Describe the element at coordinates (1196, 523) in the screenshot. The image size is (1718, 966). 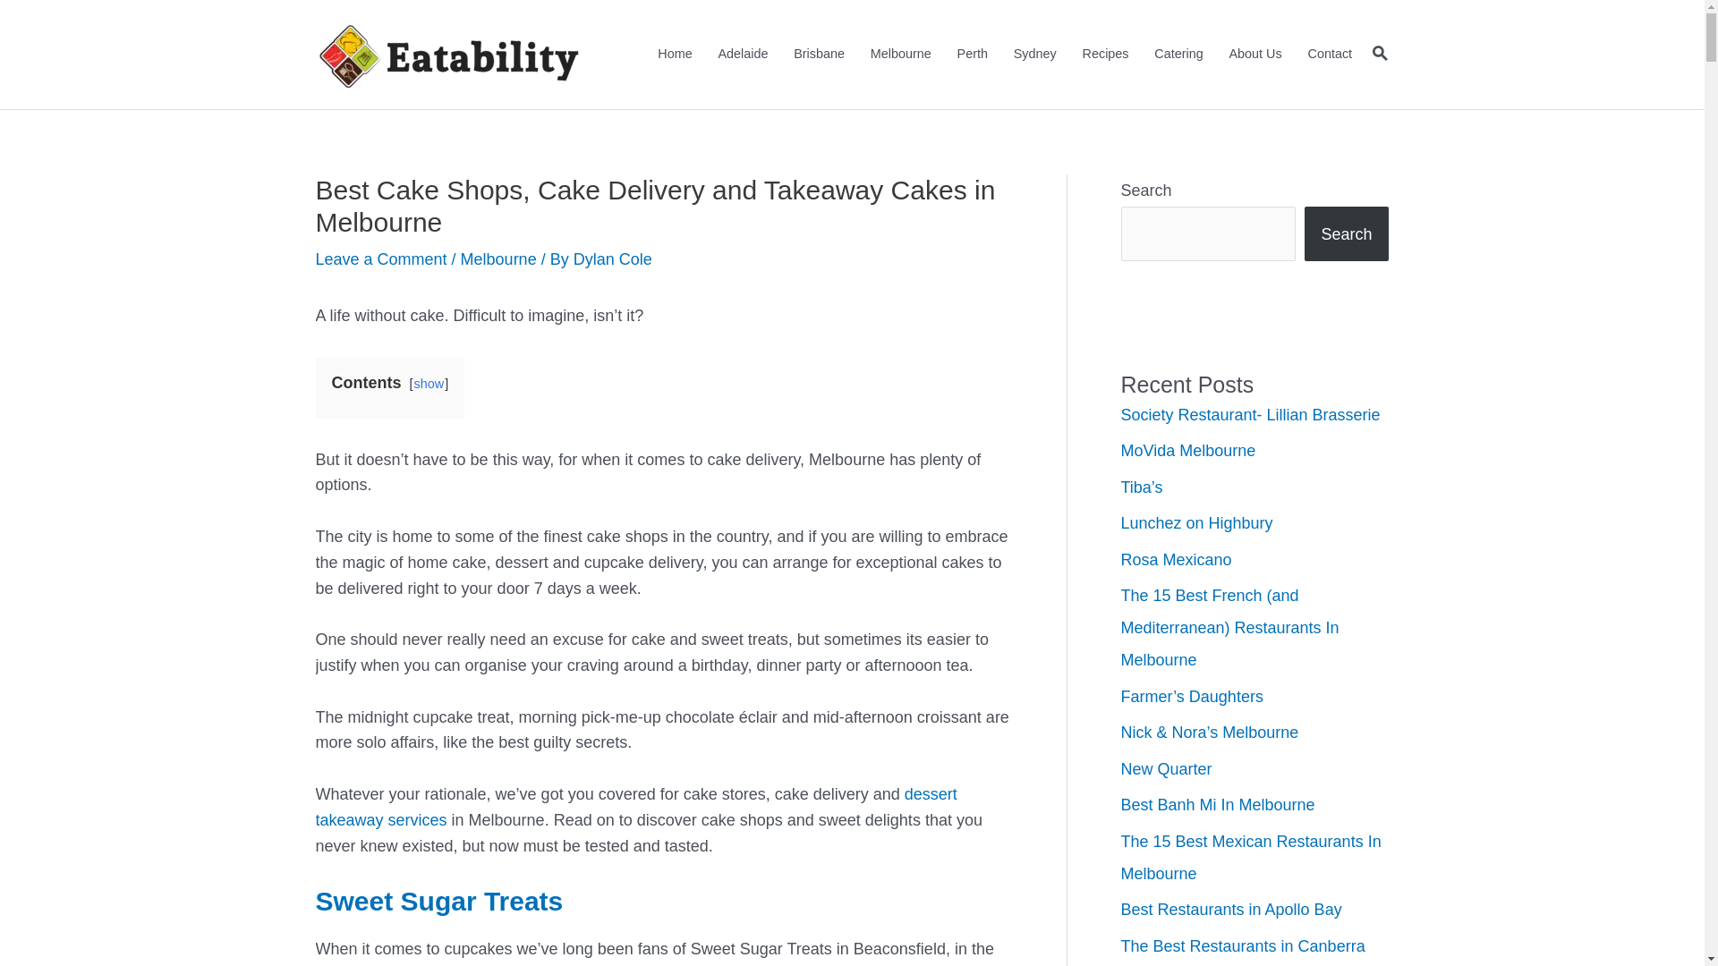
I see `'Lunchez on Highbury'` at that location.